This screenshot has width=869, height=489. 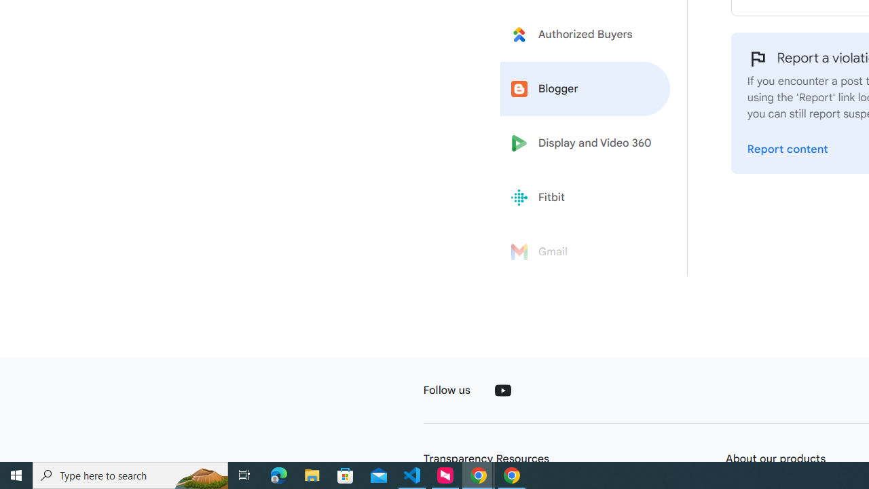 What do you see at coordinates (346, 474) in the screenshot?
I see `'Microsoft Store'` at bounding box center [346, 474].